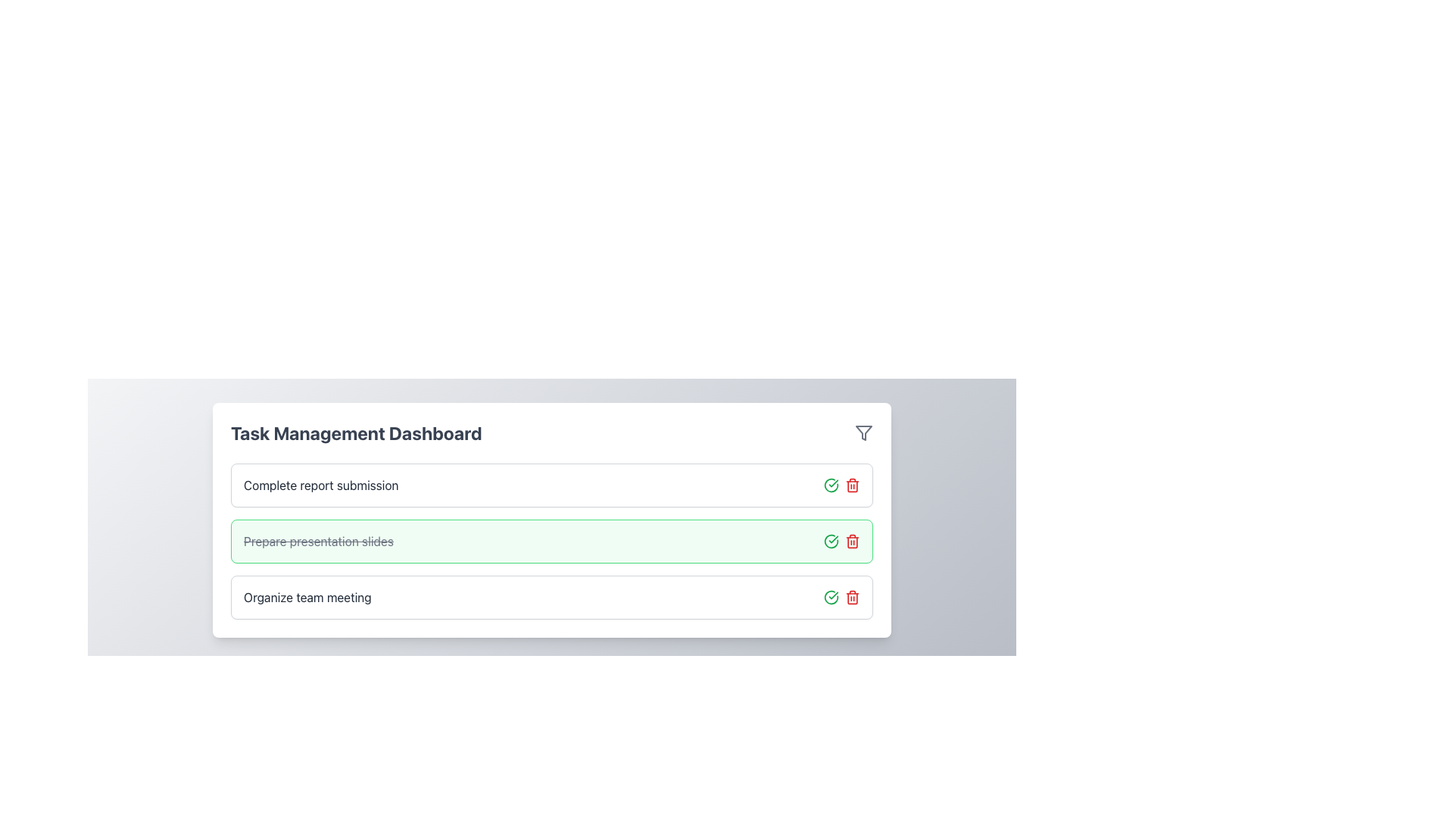 Image resolution: width=1454 pixels, height=818 pixels. What do you see at coordinates (831, 540) in the screenshot?
I see `the circular icon with a checkmark in the top-right corner of the task item for 'Prepare presentation slides' to mark the task as completed` at bounding box center [831, 540].